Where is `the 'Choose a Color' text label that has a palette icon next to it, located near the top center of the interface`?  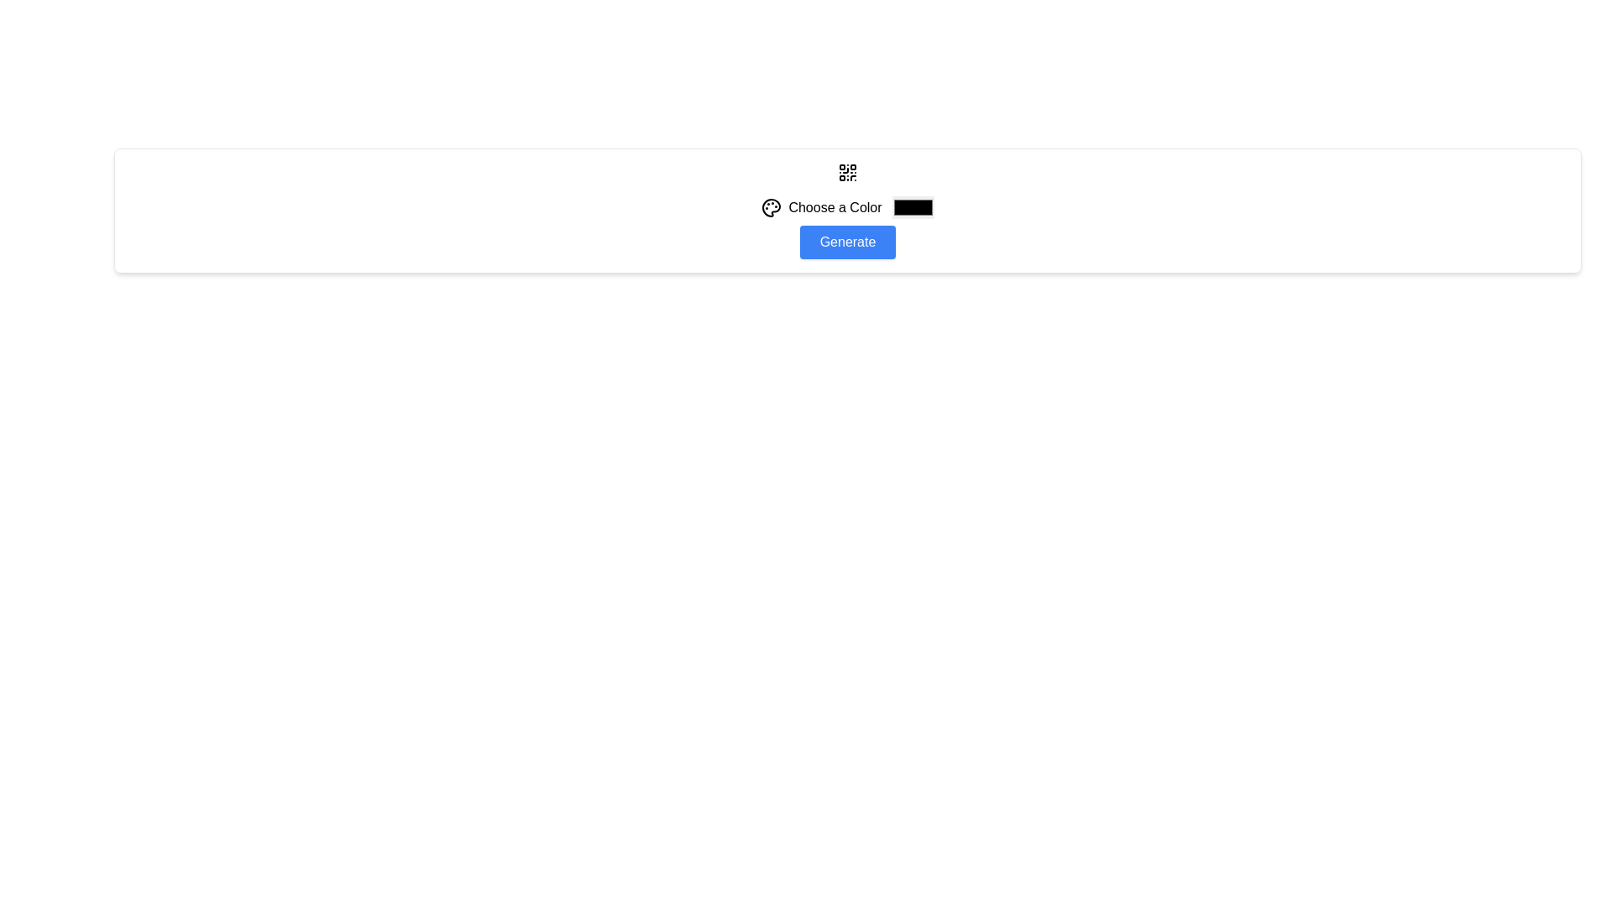 the 'Choose a Color' text label that has a palette icon next to it, located near the top center of the interface is located at coordinates (822, 206).